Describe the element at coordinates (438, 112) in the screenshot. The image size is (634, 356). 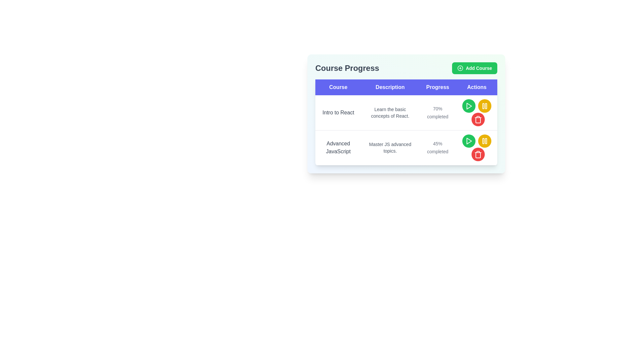
I see `the static text element indicating '70% completed' in the Progress column of the course listing interface` at that location.